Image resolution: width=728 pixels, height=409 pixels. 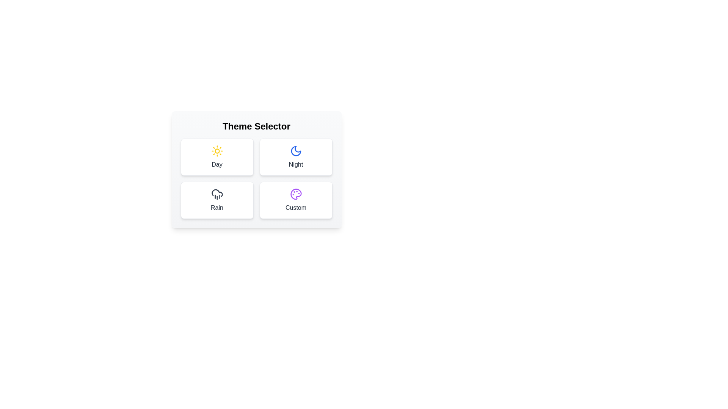 What do you see at coordinates (295, 157) in the screenshot?
I see `the theme icon for Night` at bounding box center [295, 157].